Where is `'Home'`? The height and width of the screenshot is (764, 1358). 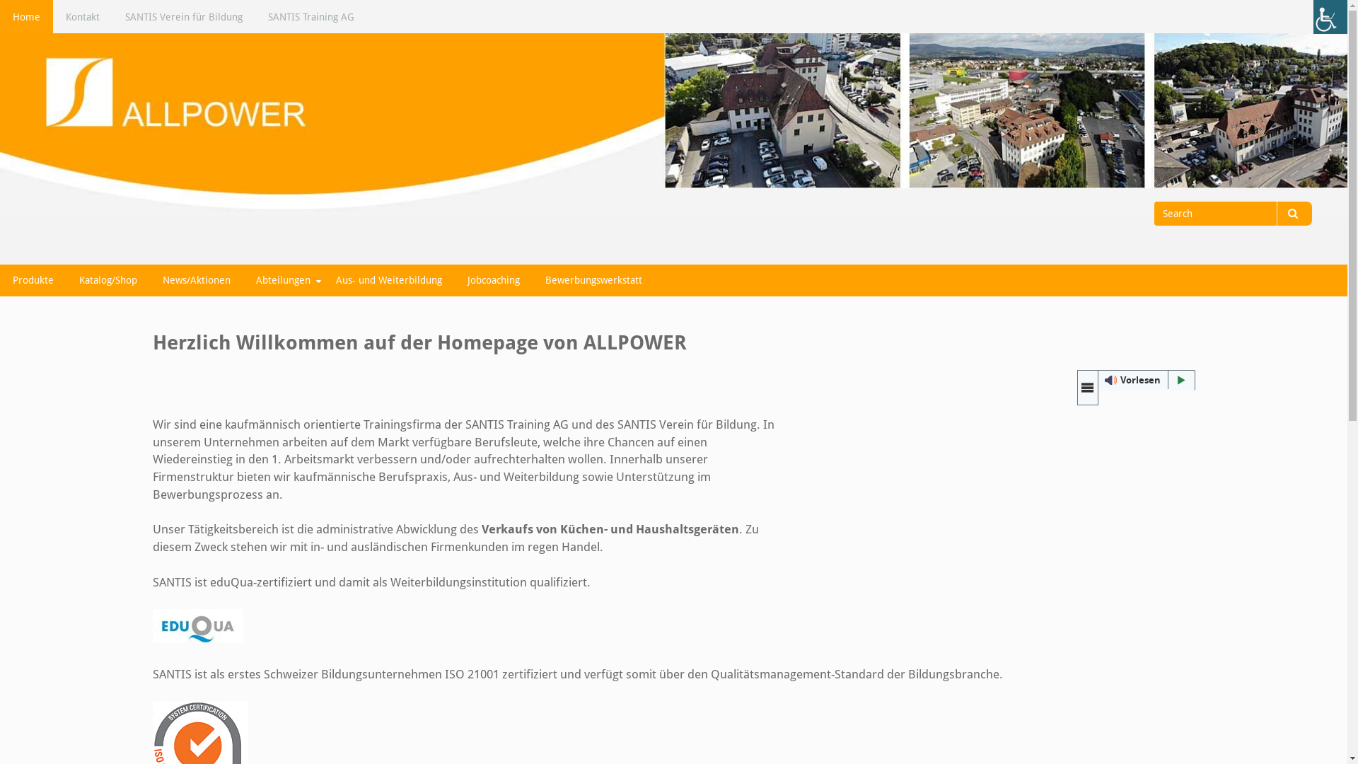
'Home' is located at coordinates (26, 16).